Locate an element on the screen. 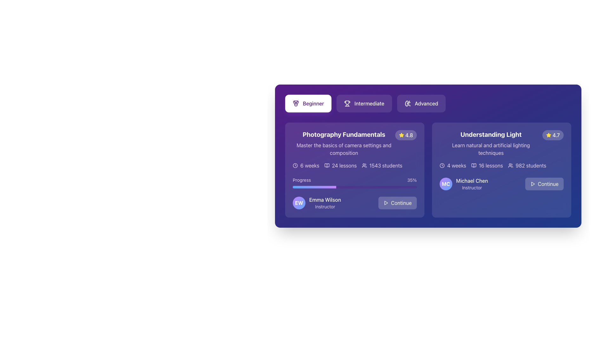  text label that displays 'Instructor' in light purple color, positioned below 'Emma Wilson' in the Photography Fundamentals card is located at coordinates (325, 206).